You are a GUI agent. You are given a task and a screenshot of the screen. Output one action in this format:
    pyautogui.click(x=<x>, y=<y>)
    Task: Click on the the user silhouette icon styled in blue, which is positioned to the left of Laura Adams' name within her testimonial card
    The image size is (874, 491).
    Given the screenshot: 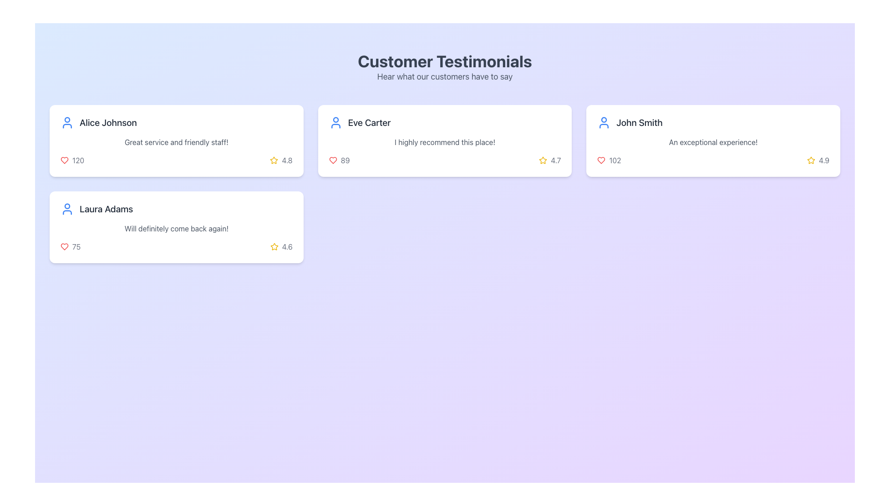 What is the action you would take?
    pyautogui.click(x=67, y=209)
    